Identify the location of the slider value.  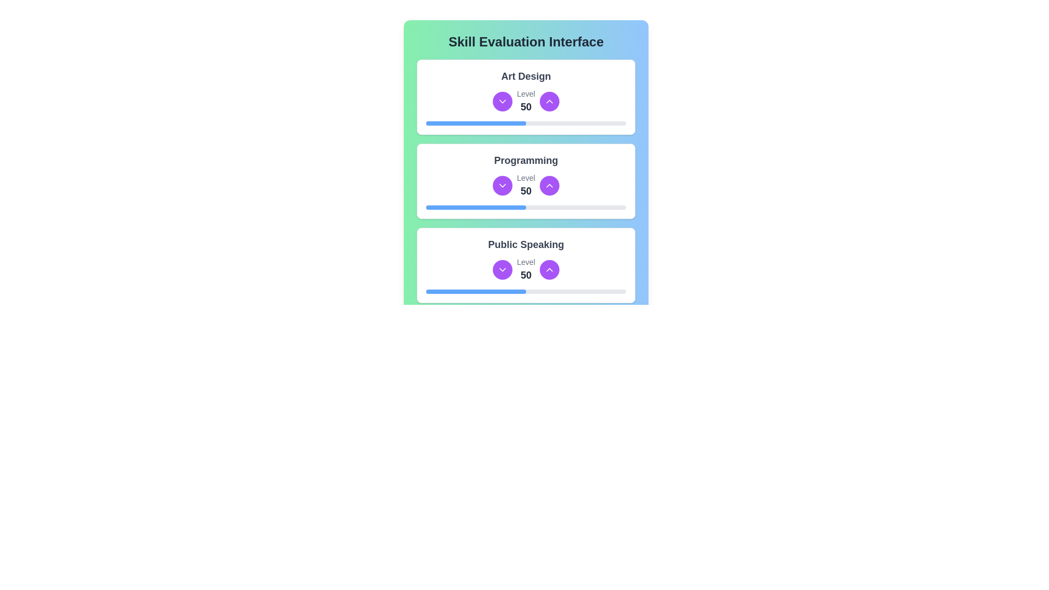
(432, 291).